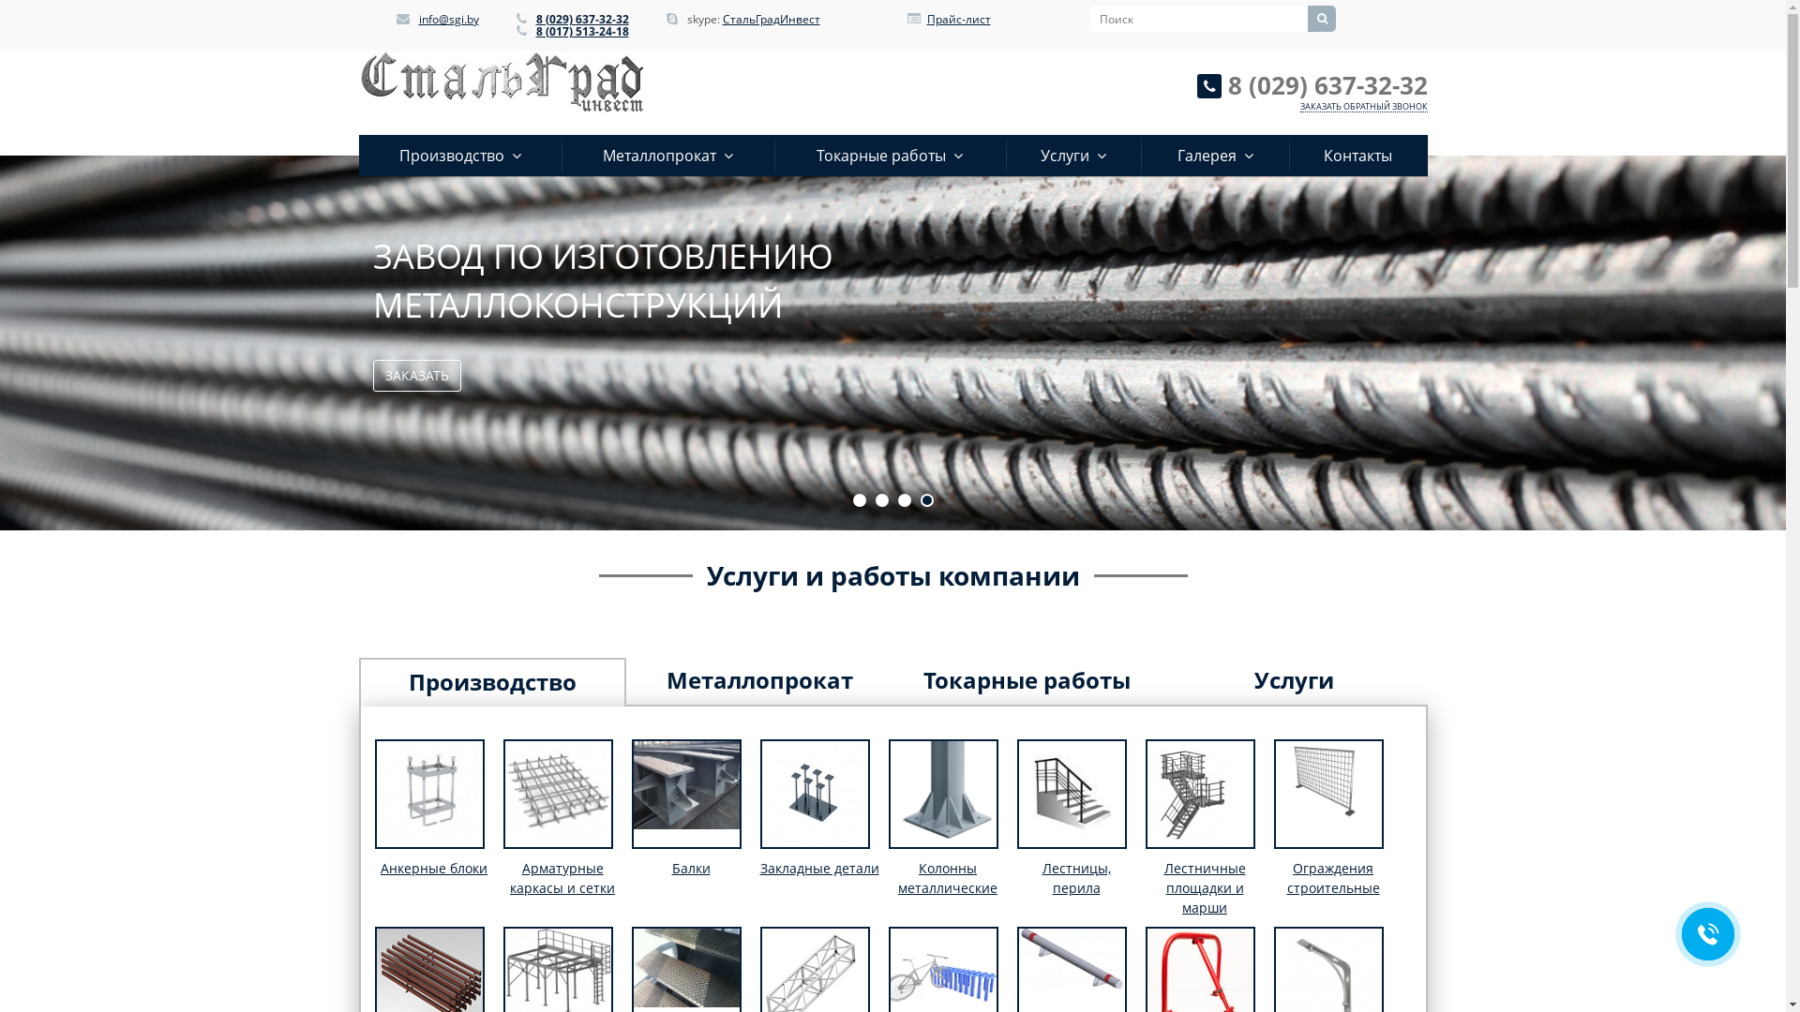 The height and width of the screenshot is (1012, 1800). What do you see at coordinates (581, 19) in the screenshot?
I see `'8 (029) 637-32-32'` at bounding box center [581, 19].